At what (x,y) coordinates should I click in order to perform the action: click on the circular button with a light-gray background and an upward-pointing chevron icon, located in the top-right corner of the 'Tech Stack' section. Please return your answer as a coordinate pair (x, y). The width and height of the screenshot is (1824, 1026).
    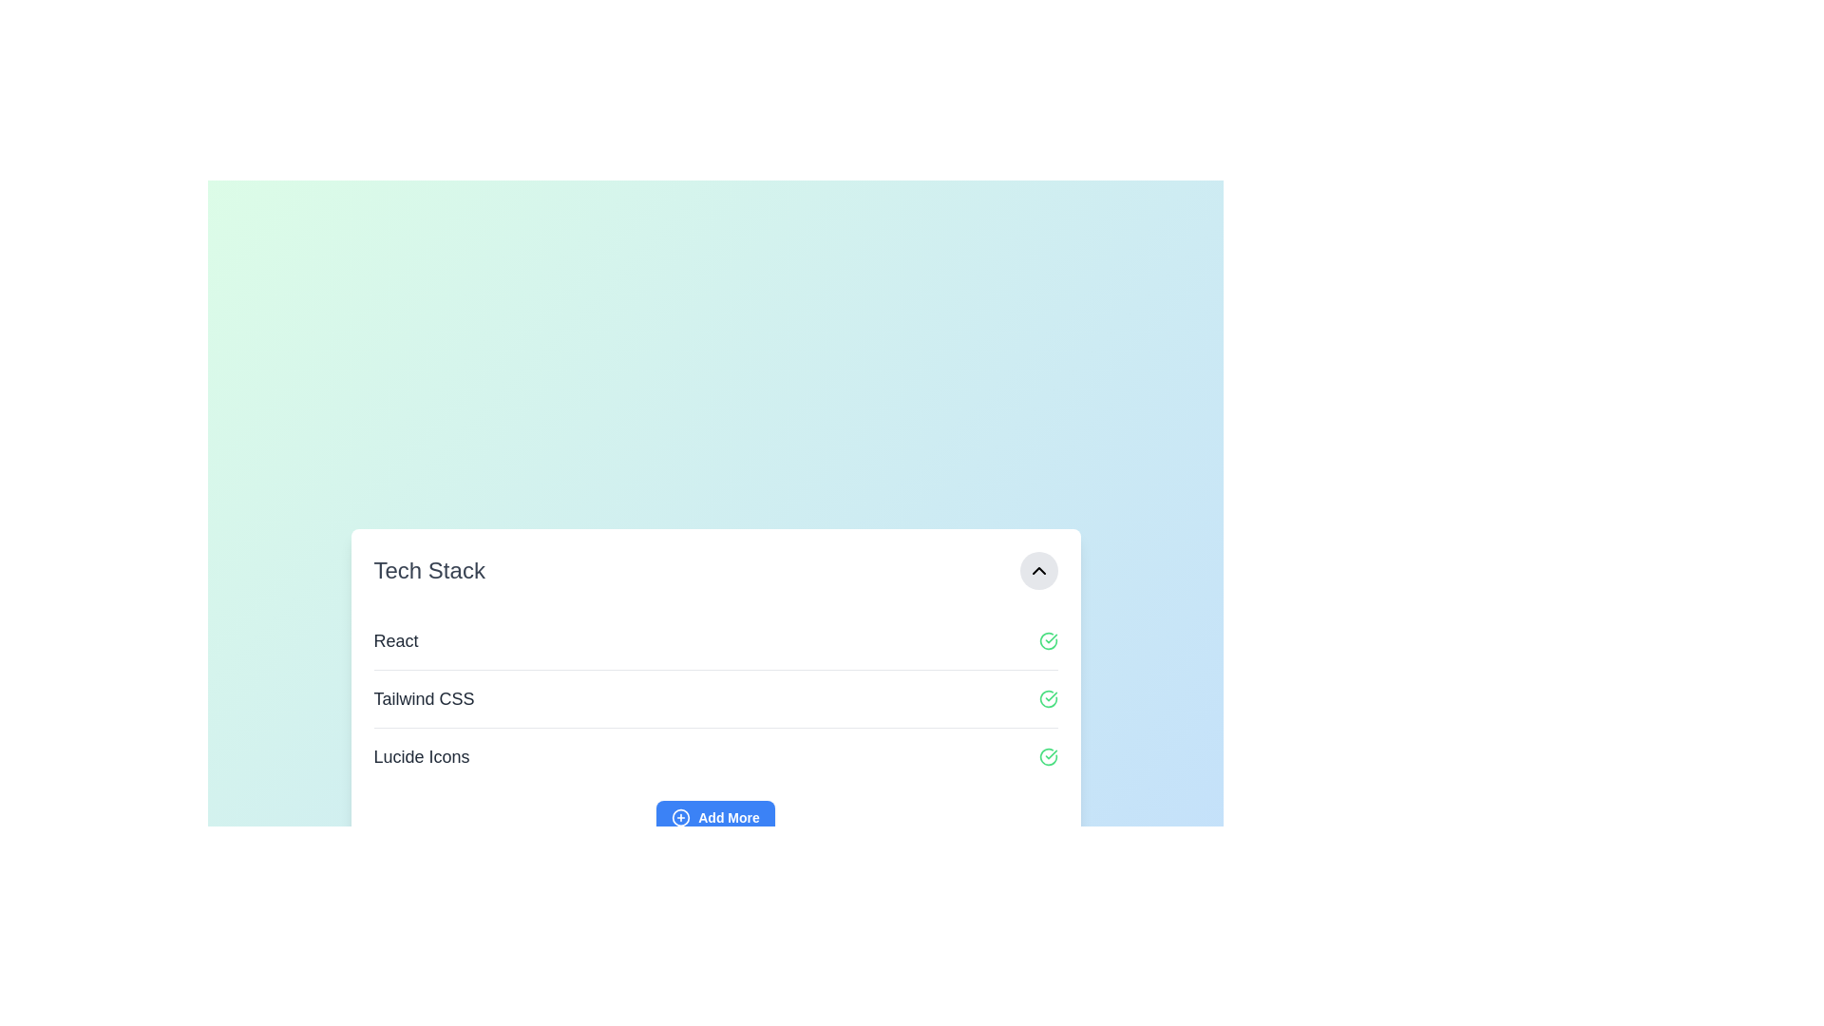
    Looking at the image, I should click on (1037, 570).